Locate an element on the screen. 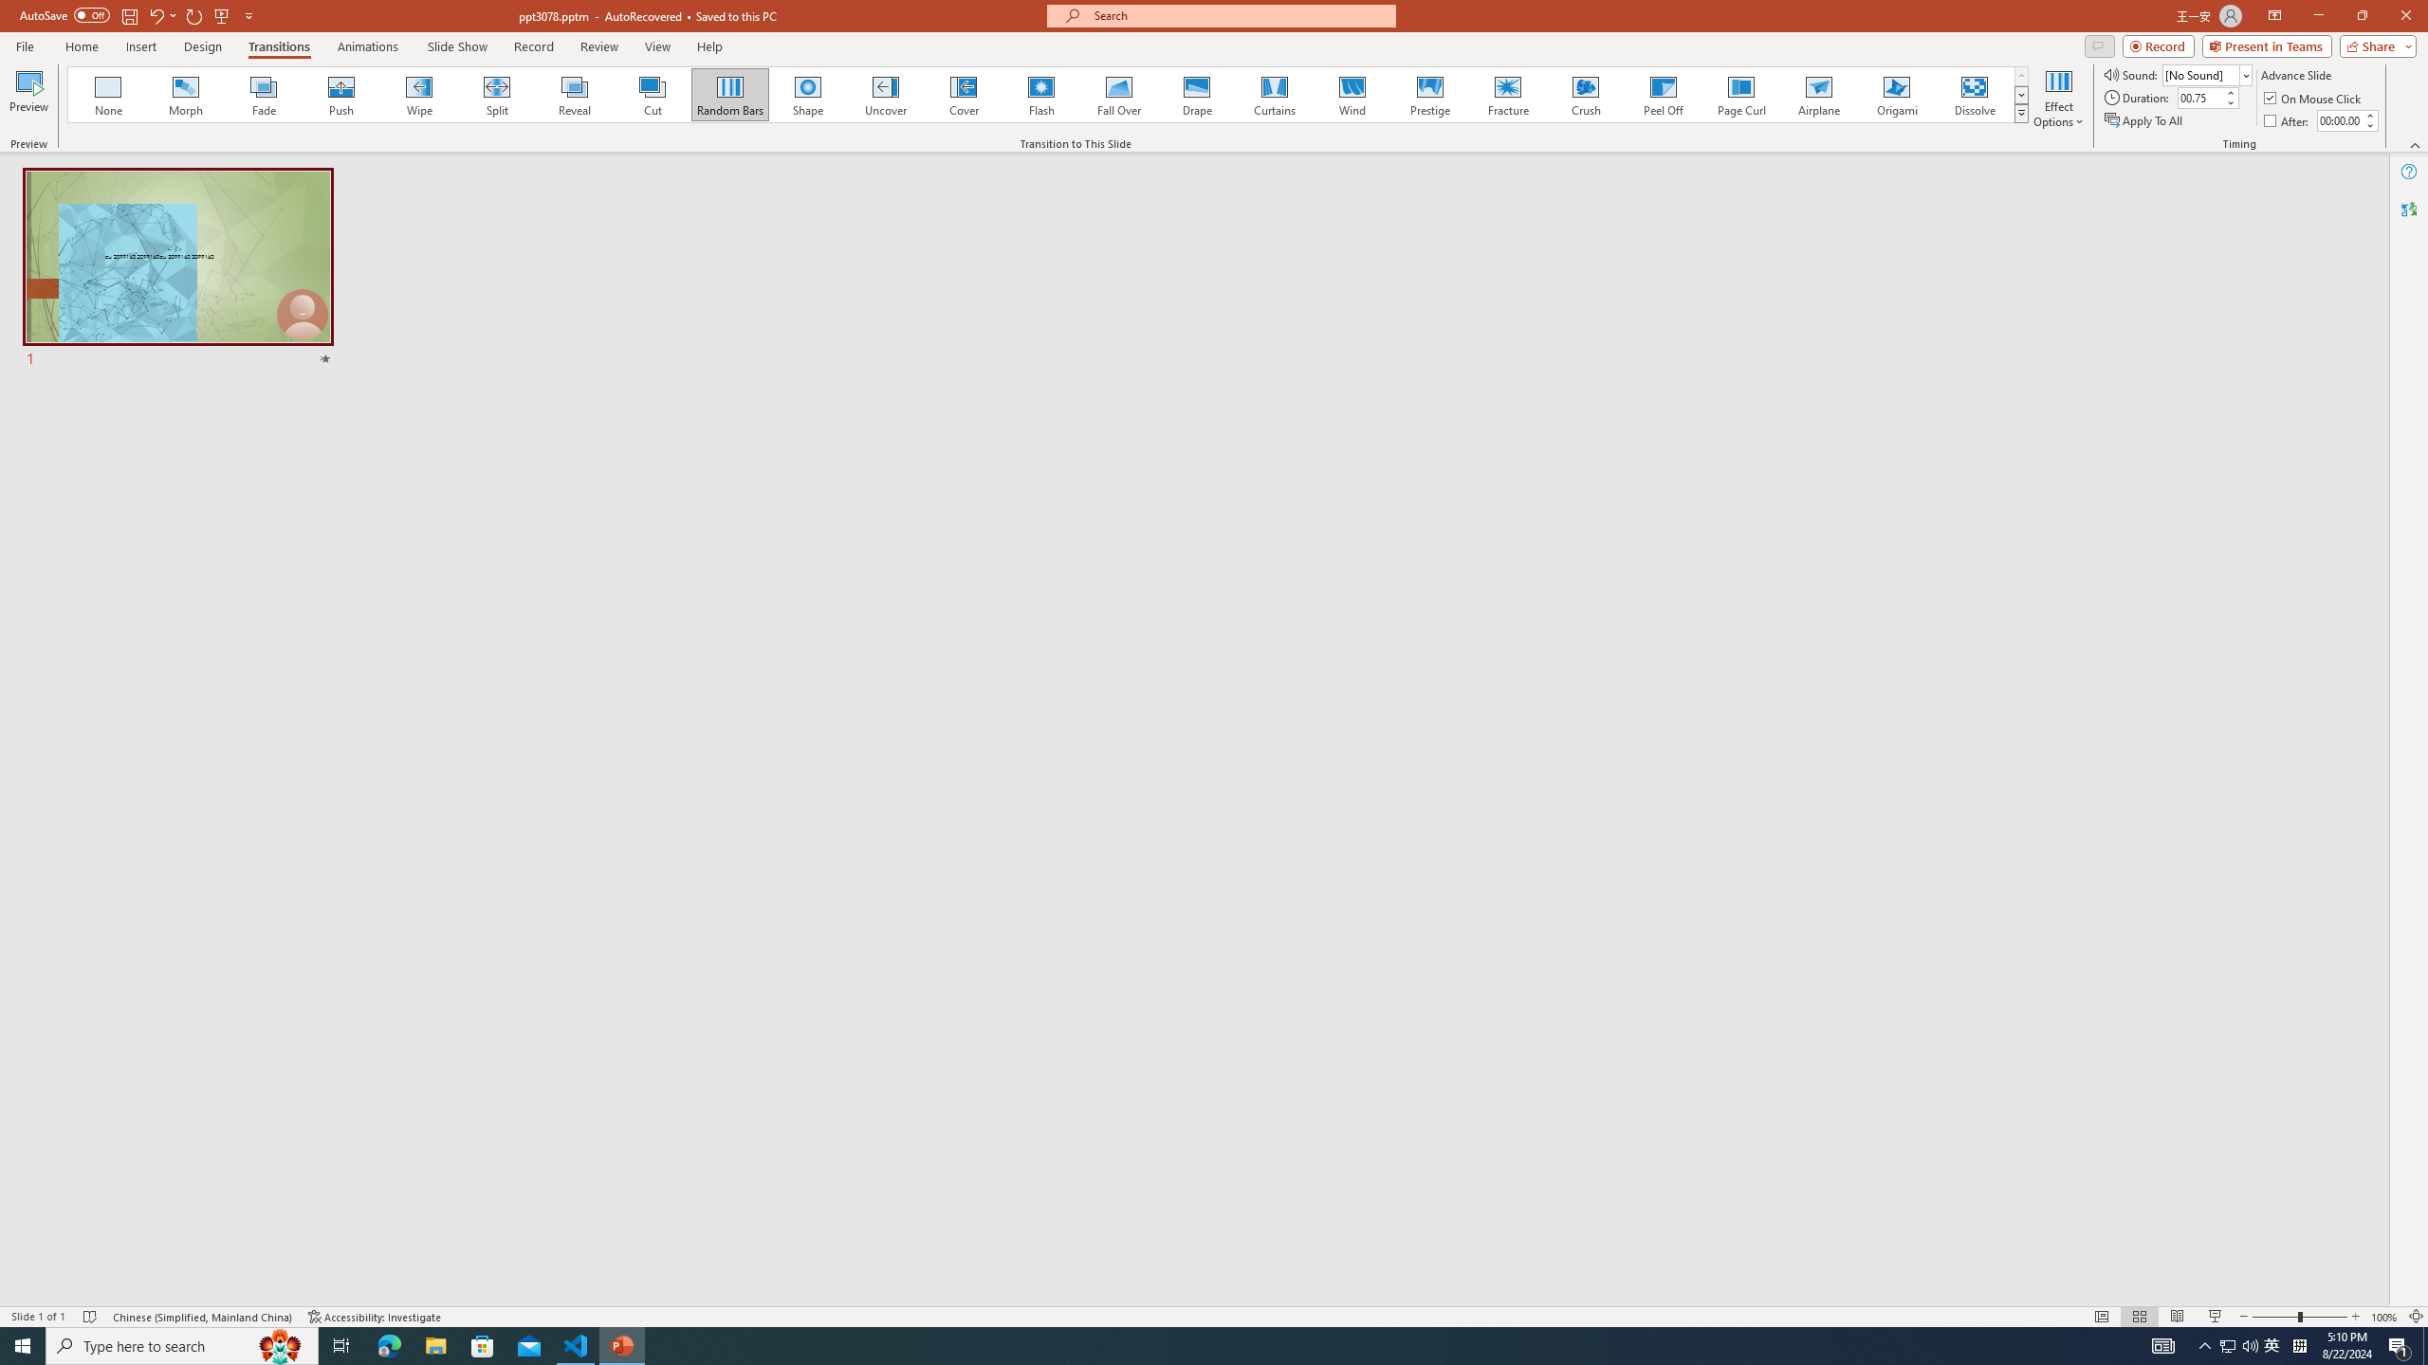 The height and width of the screenshot is (1365, 2428). 'Dissolve' is located at coordinates (1973, 94).